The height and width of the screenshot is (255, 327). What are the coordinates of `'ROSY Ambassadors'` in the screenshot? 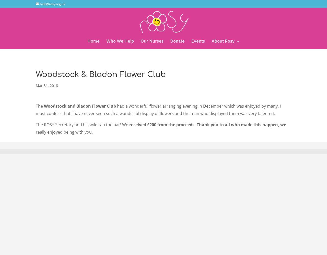 It's located at (241, 118).